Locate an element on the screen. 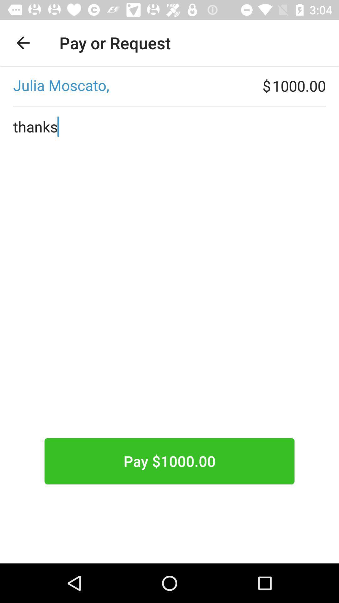  the ,  item is located at coordinates (131, 85).